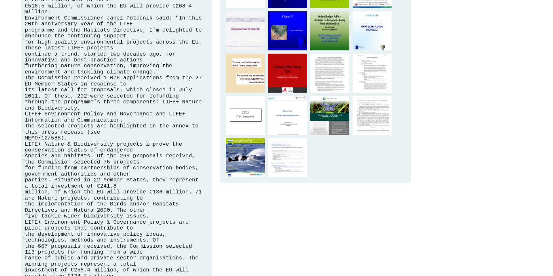 The width and height of the screenshot is (553, 276). I want to click on 'Lecture #24 Date', so click(287, 26).